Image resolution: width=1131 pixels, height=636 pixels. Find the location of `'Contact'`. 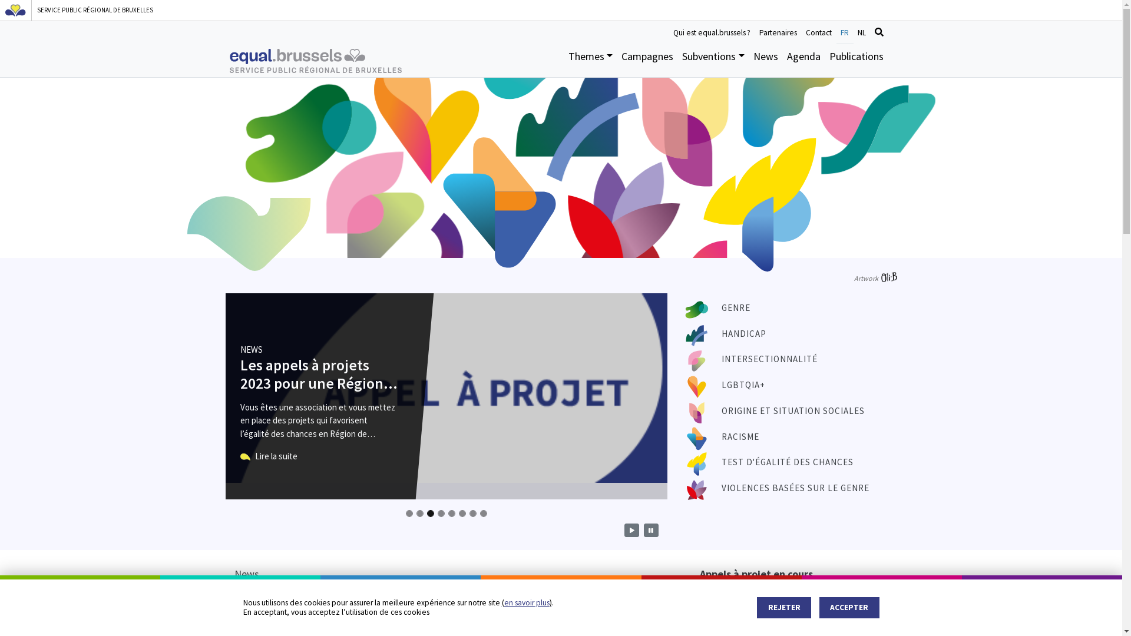

'Contact' is located at coordinates (801, 31).